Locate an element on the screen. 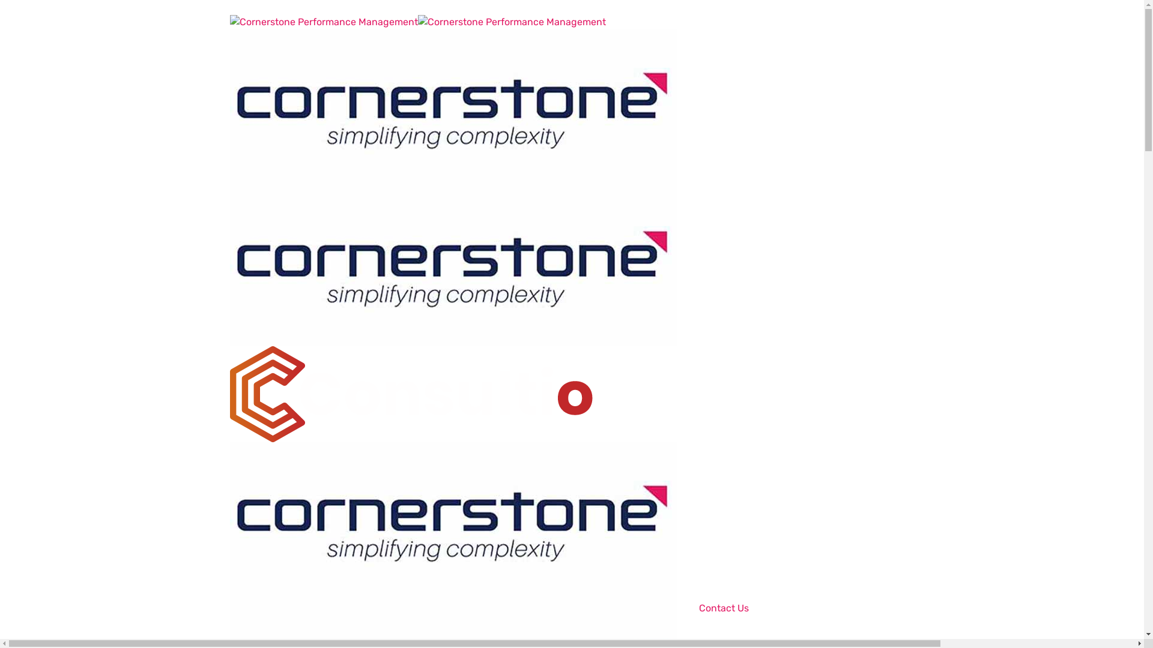  'Cornerstone Performance Management' is located at coordinates (452, 265).